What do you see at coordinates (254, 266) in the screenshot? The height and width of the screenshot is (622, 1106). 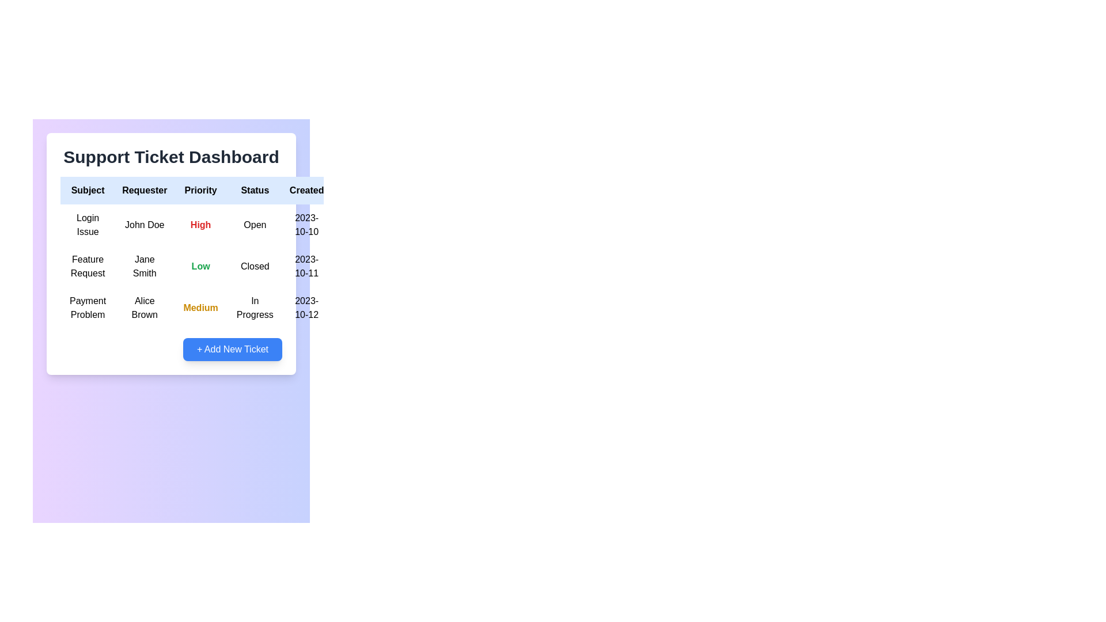 I see `text from the Static text label displaying 'Closed' located in the 'Status' column of the 'Feature Request' row in the data table` at bounding box center [254, 266].